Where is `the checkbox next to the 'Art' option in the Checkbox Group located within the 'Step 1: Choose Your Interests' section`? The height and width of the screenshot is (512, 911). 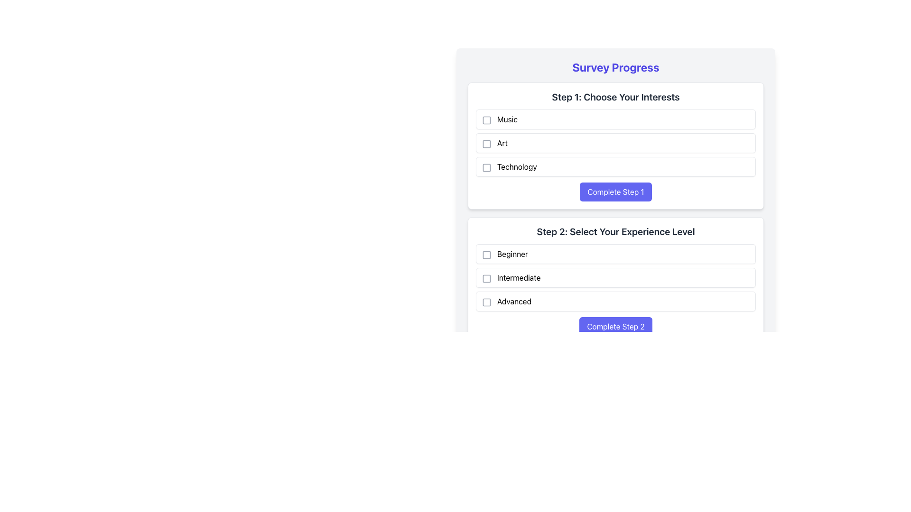
the checkbox next to the 'Art' option in the Checkbox Group located within the 'Step 1: Choose Your Interests' section is located at coordinates (615, 143).